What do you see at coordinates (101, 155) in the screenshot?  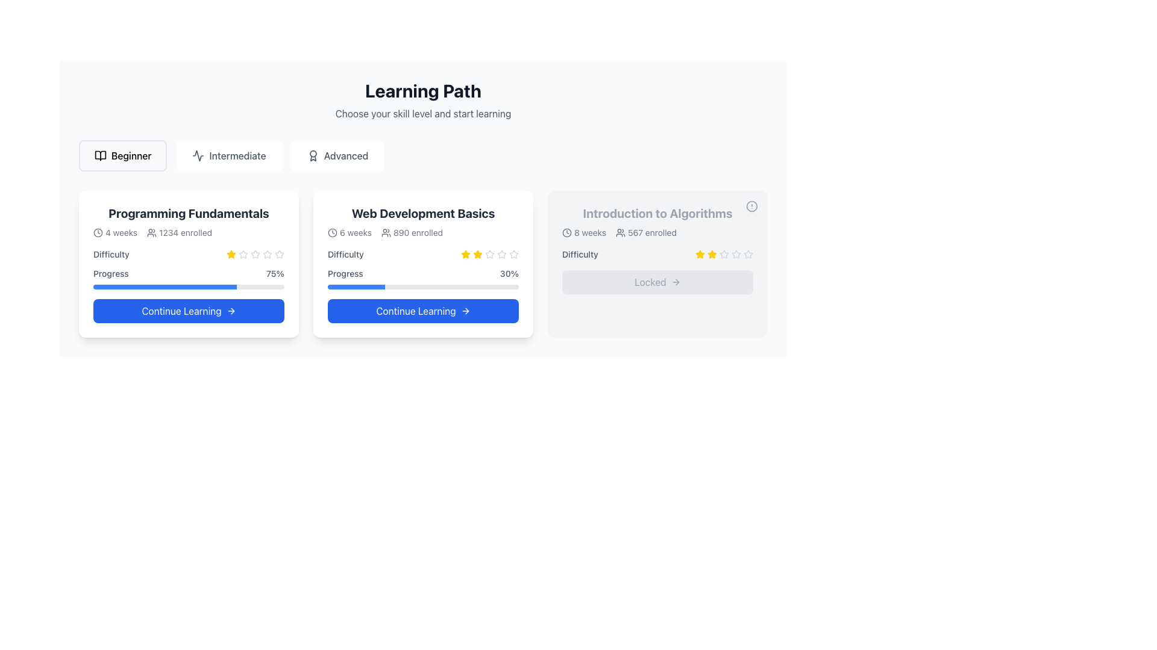 I see `the book-shaped icon, which is positioned to the left of the 'Beginner' text in a horizontal arrangement of options` at bounding box center [101, 155].